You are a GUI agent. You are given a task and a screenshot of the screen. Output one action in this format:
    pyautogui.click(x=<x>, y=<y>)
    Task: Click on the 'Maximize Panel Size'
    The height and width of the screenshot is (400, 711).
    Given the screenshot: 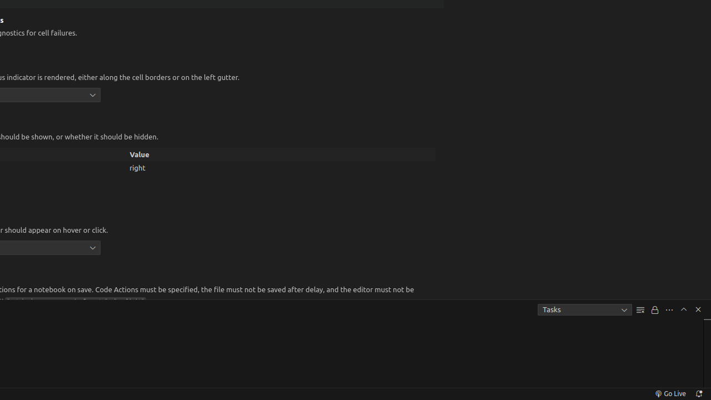 What is the action you would take?
    pyautogui.click(x=683, y=309)
    